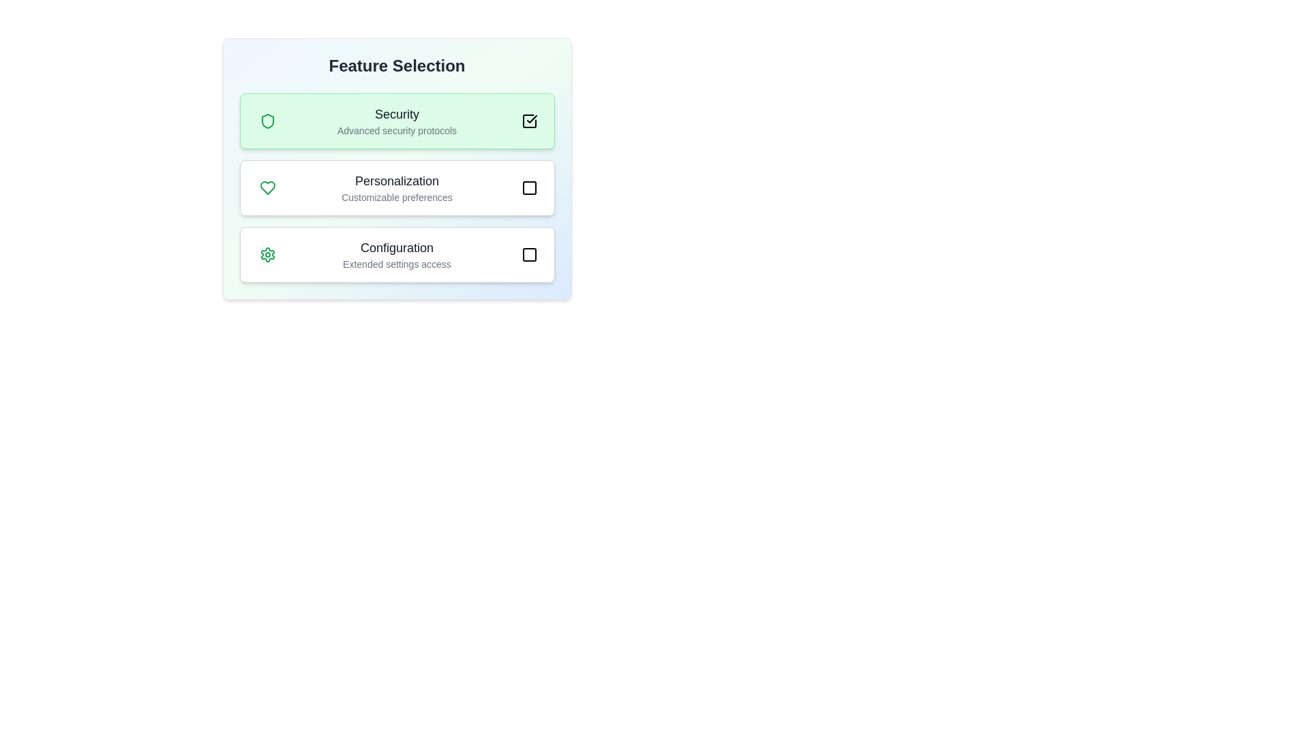  What do you see at coordinates (528, 255) in the screenshot?
I see `the checkbox located in the bottom-right corner of the Configuration selection panel` at bounding box center [528, 255].